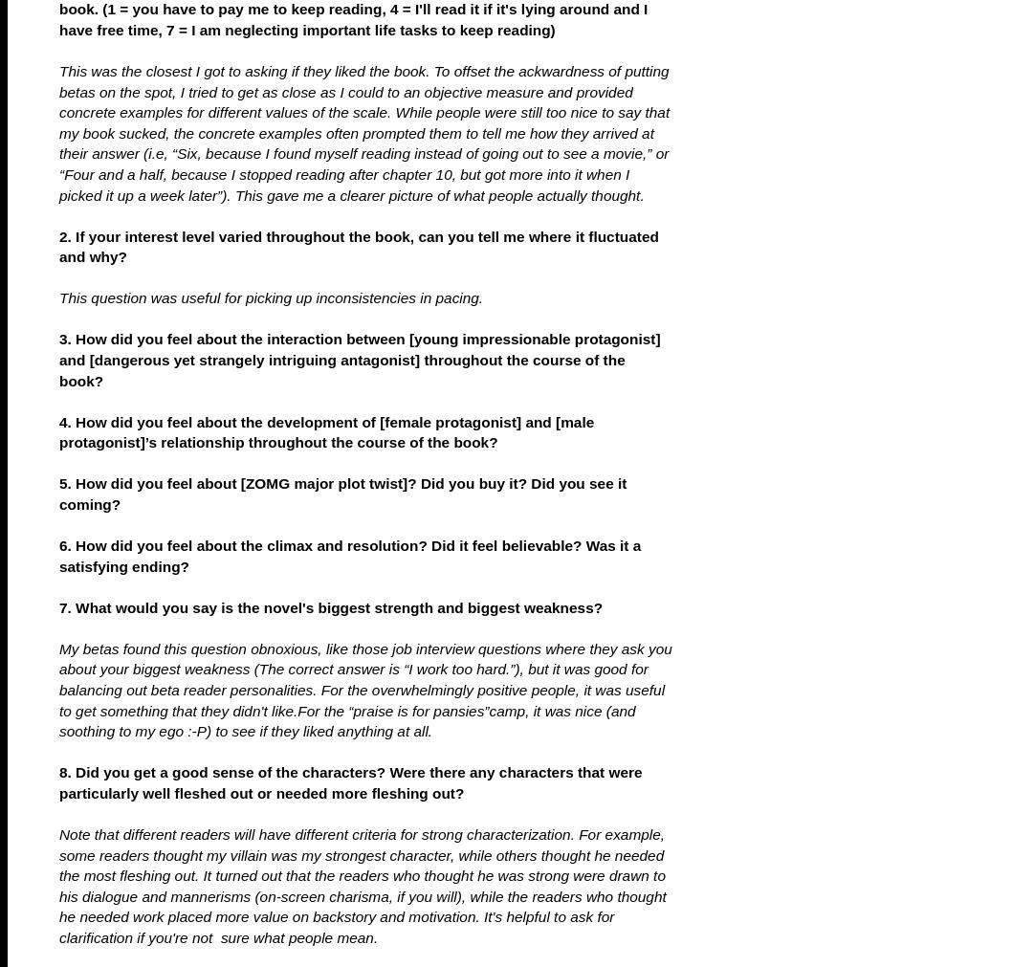  What do you see at coordinates (358, 246) in the screenshot?
I see `'2.  If your interest level varied throughout the book, can you tell me where it fluctuated and why?'` at bounding box center [358, 246].